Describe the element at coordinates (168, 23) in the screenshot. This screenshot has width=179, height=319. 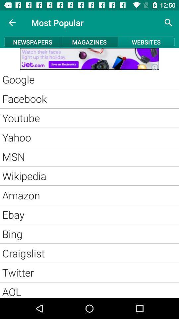
I see `start to search` at that location.